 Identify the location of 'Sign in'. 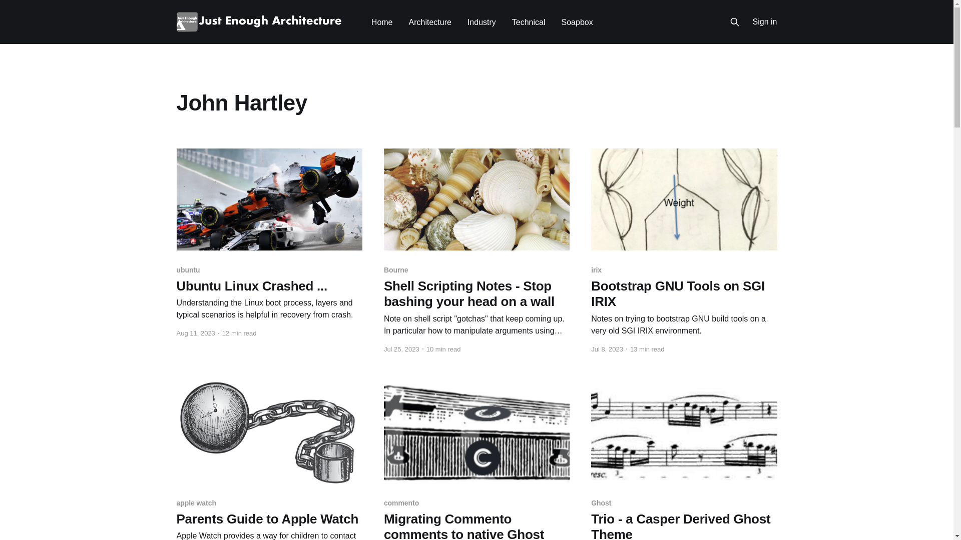
(764, 22).